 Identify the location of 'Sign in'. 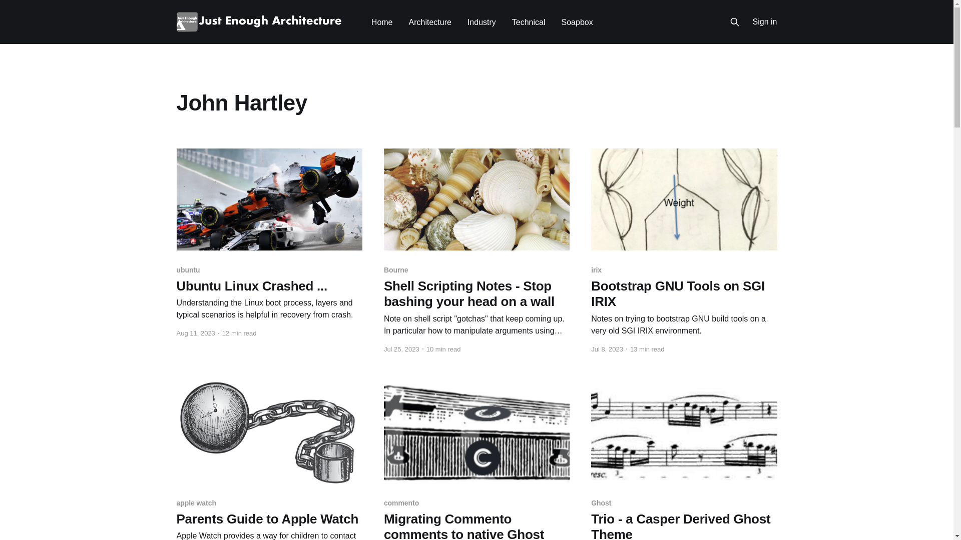
(764, 22).